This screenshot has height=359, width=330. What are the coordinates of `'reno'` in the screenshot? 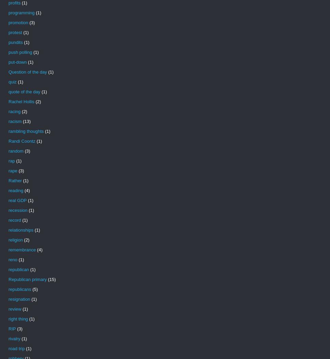 It's located at (13, 260).